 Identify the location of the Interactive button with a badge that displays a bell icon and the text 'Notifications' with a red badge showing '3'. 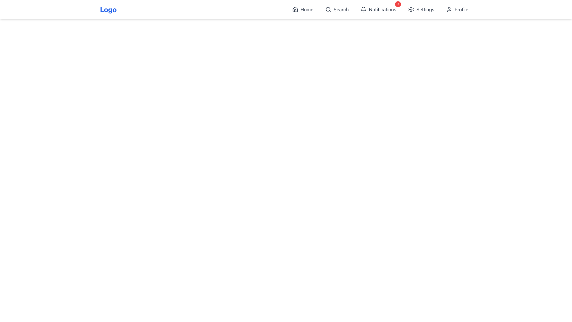
(378, 9).